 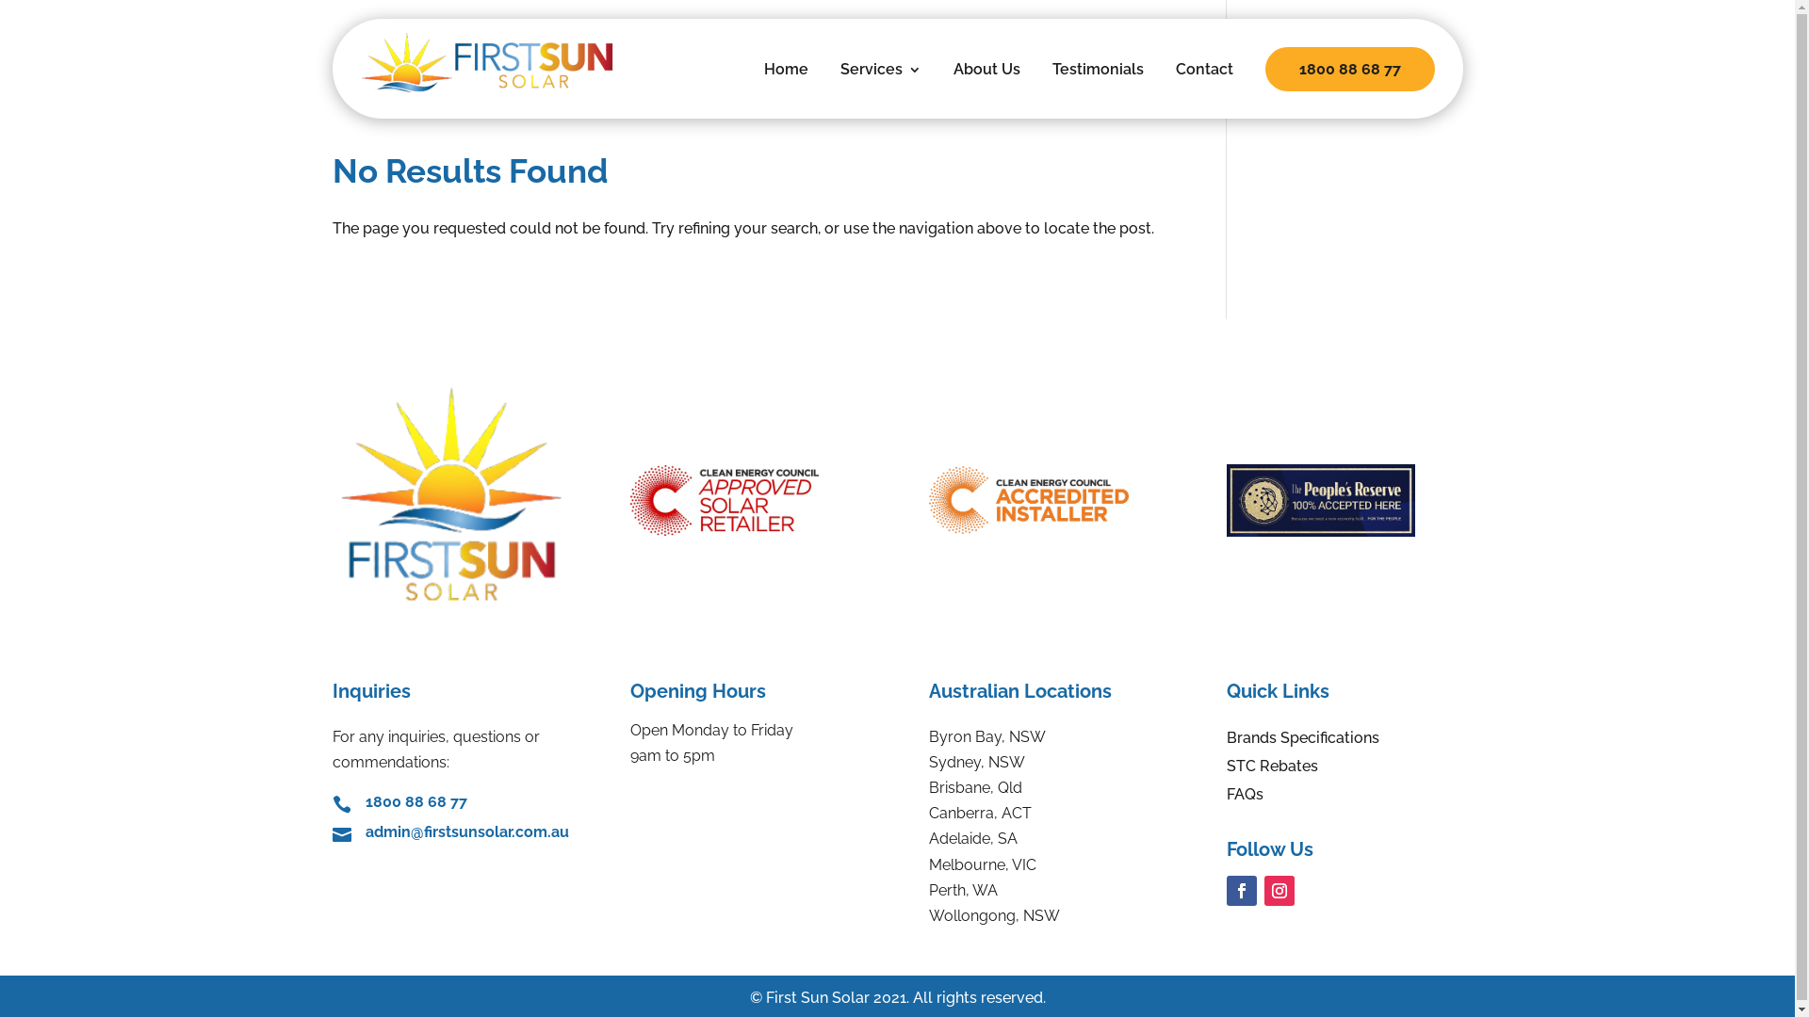 I want to click on 'Follow on Instagram', so click(x=1264, y=890).